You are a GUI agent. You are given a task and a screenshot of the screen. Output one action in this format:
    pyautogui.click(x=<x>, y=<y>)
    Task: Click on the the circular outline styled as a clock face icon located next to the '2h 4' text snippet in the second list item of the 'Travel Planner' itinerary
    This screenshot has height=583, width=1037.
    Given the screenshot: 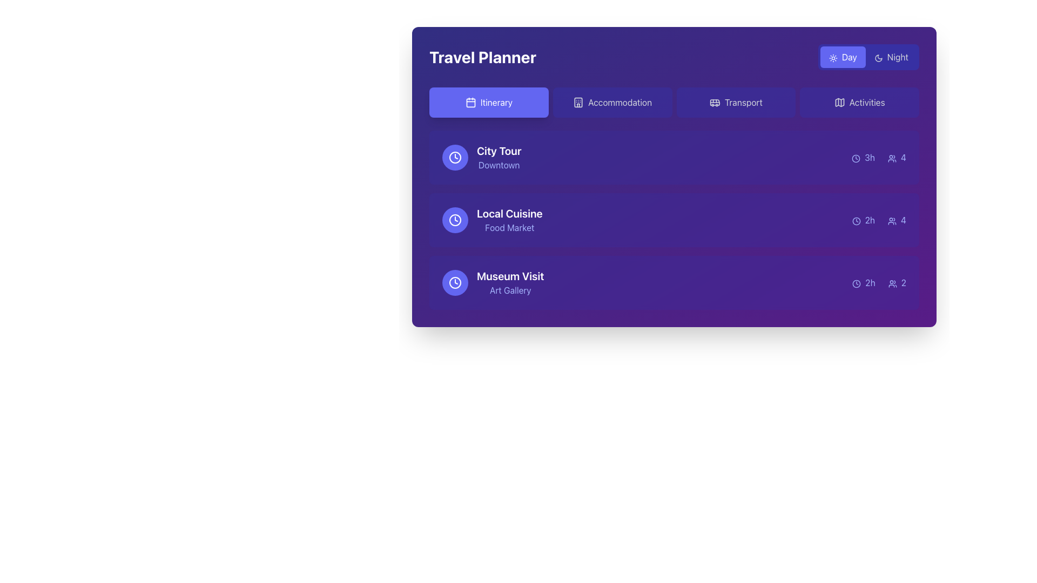 What is the action you would take?
    pyautogui.click(x=856, y=220)
    